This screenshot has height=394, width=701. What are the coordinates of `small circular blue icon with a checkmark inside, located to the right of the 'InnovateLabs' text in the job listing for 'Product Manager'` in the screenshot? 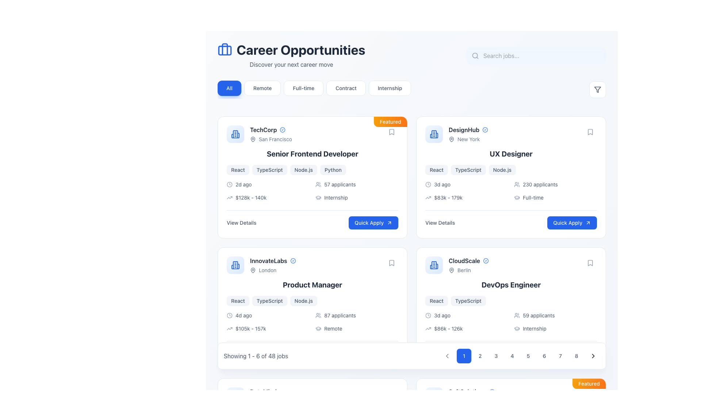 It's located at (293, 260).